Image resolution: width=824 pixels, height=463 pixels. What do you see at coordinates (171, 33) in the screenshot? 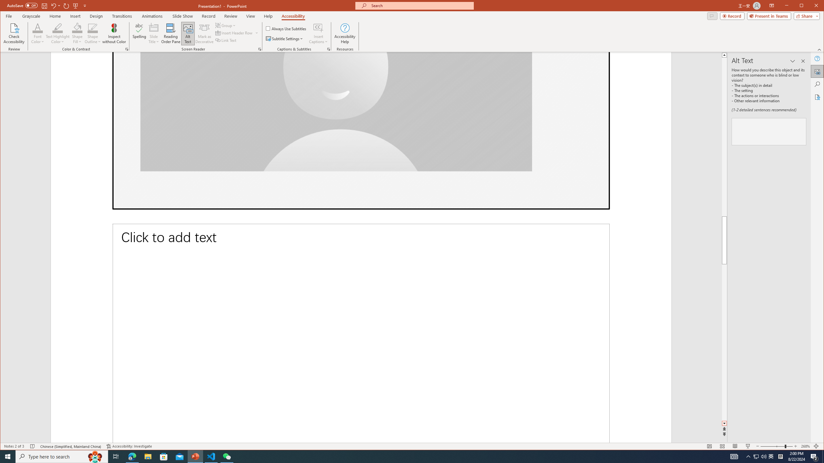
I see `'Reading Order Pane'` at bounding box center [171, 33].